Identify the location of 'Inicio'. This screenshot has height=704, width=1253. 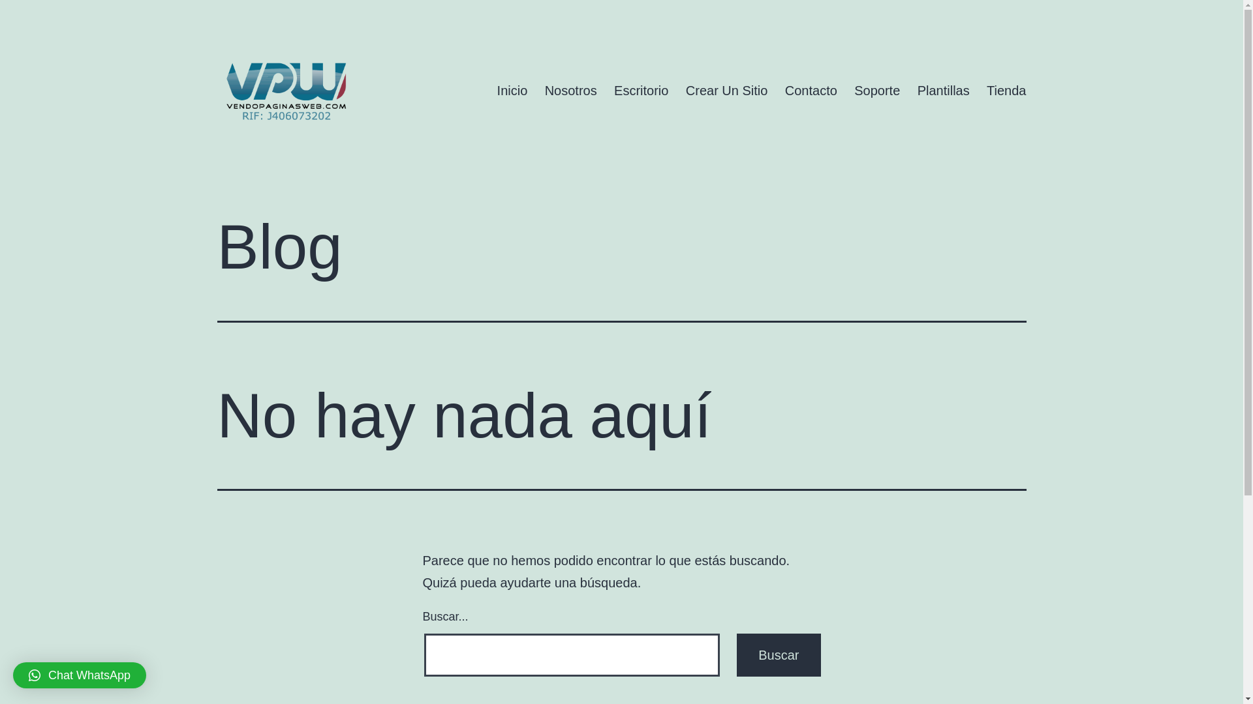
(511, 89).